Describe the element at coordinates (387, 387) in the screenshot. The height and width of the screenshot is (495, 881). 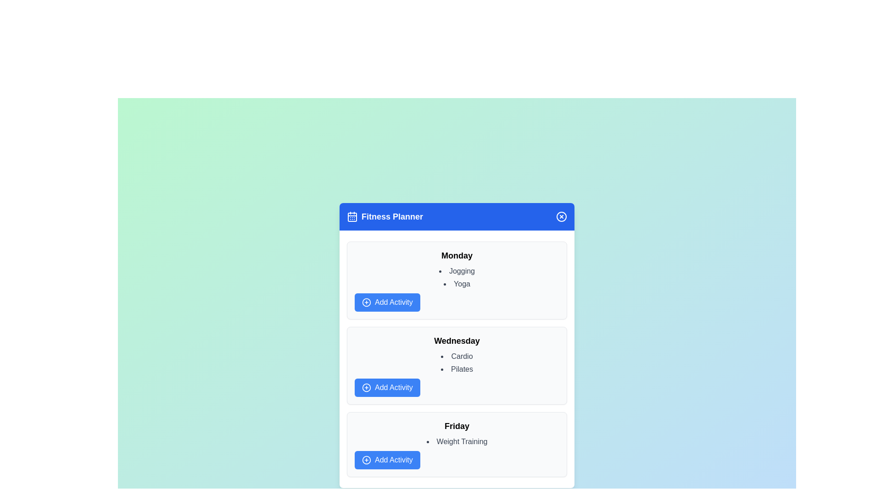
I see `the 'Add Activity' button for Wednesday` at that location.